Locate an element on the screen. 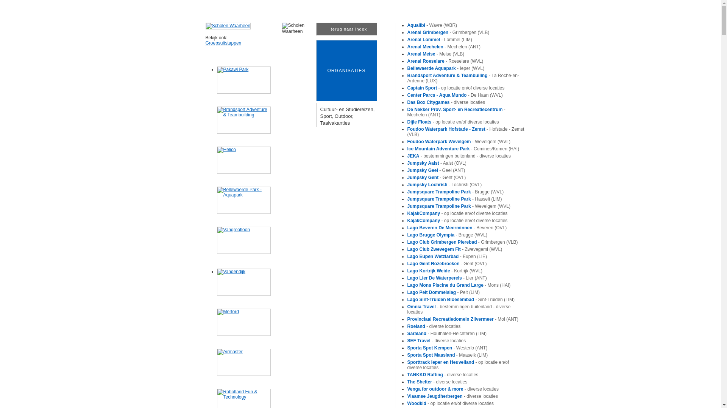 This screenshot has height=408, width=727. 'Bellewaerde Park - Aquapark' is located at coordinates (216, 199).